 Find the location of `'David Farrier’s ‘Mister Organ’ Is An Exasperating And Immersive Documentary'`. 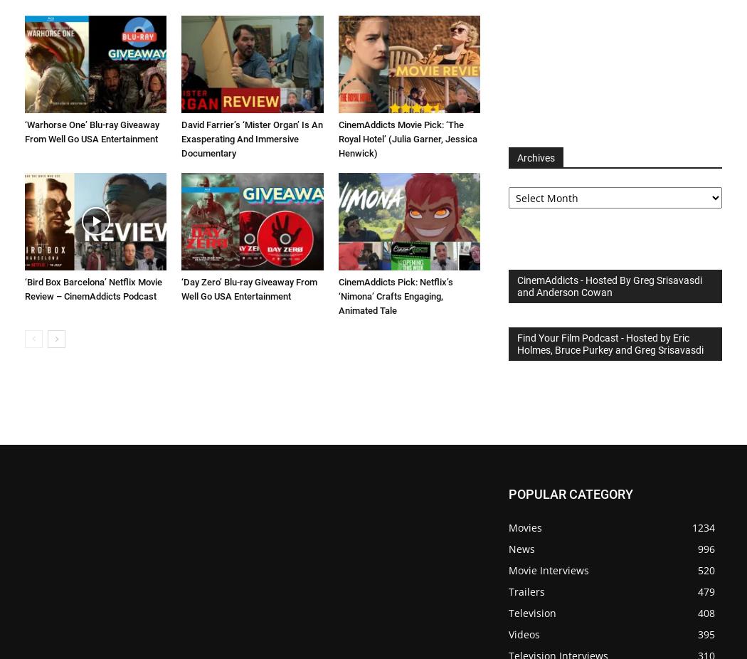

'David Farrier’s ‘Mister Organ’ Is An Exasperating And Immersive Documentary' is located at coordinates (251, 137).